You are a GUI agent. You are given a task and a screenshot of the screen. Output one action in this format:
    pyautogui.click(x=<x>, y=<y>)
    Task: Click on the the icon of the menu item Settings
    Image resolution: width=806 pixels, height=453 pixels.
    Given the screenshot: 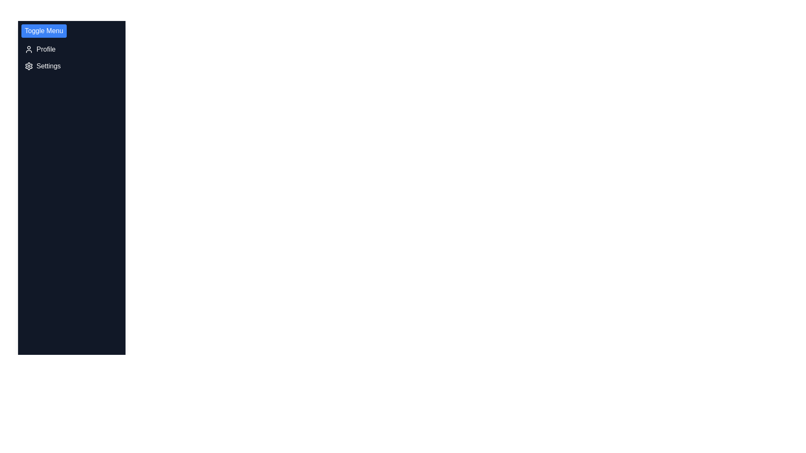 What is the action you would take?
    pyautogui.click(x=29, y=66)
    